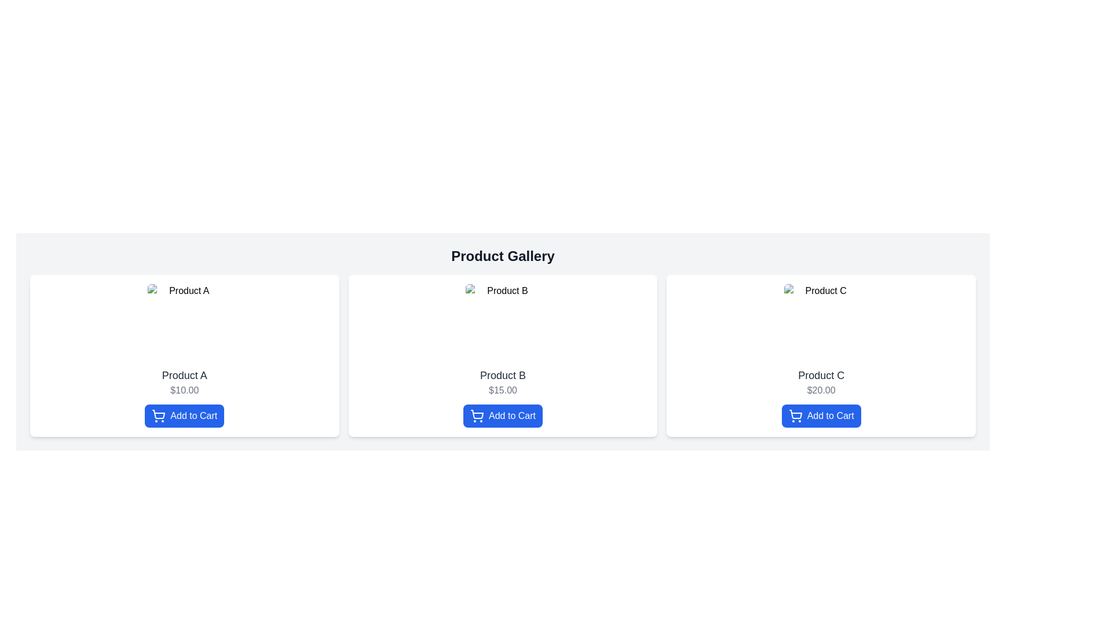  What do you see at coordinates (821, 415) in the screenshot?
I see `the 'Add to Cart' button with a blue background and white text, located in the bottom section of the 'Product C $20.00' card, which is the third button in the sequence` at bounding box center [821, 415].